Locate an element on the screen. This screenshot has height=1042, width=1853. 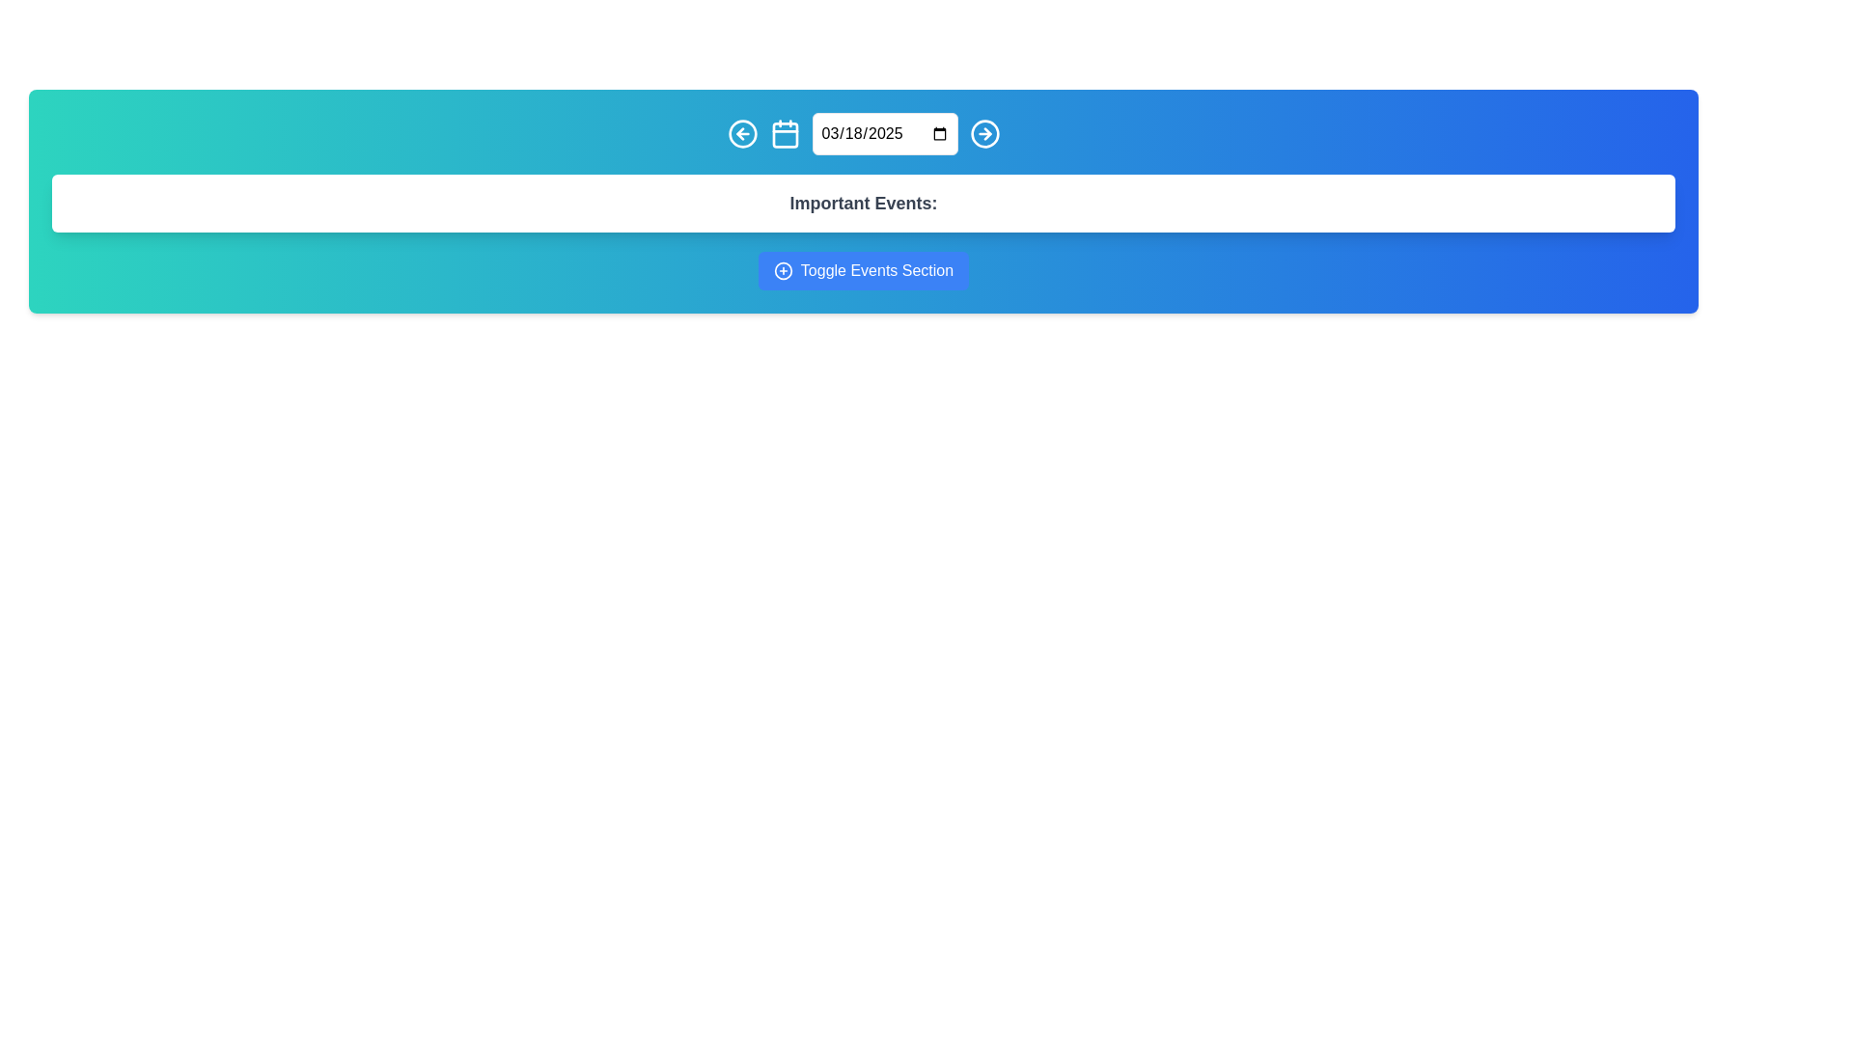
the calendar icon located in the central section of the blue header bar, which is the third icon from the left is located at coordinates (785, 132).